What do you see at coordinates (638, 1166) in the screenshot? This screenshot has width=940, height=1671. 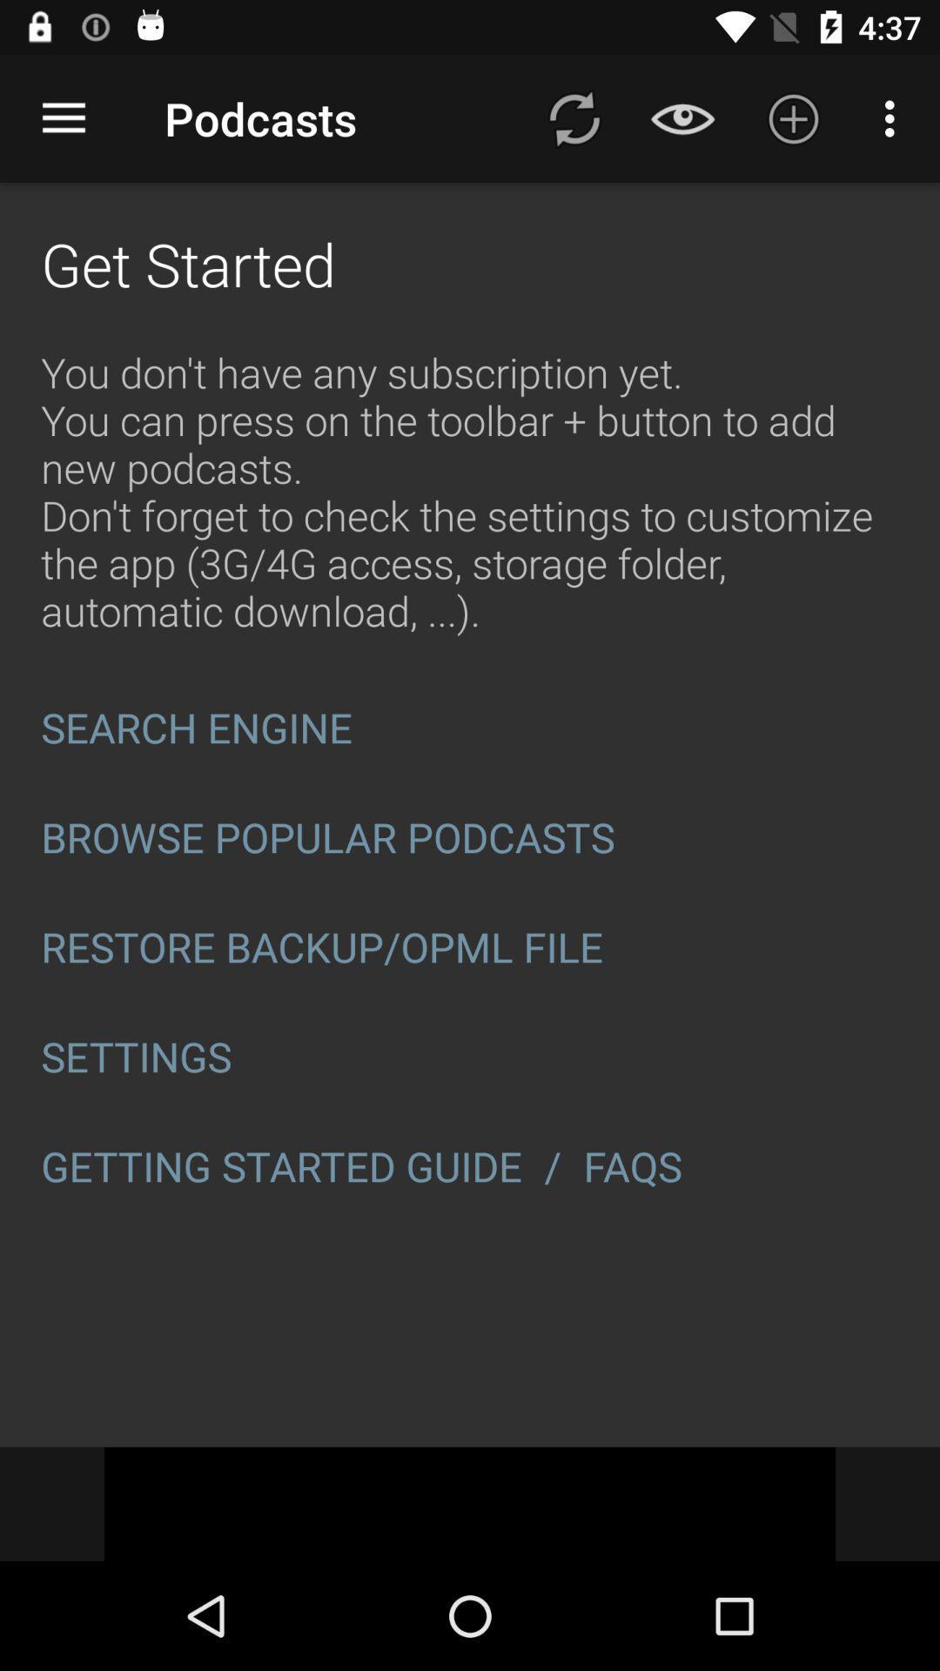 I see `faqs at the bottom right corner` at bounding box center [638, 1166].